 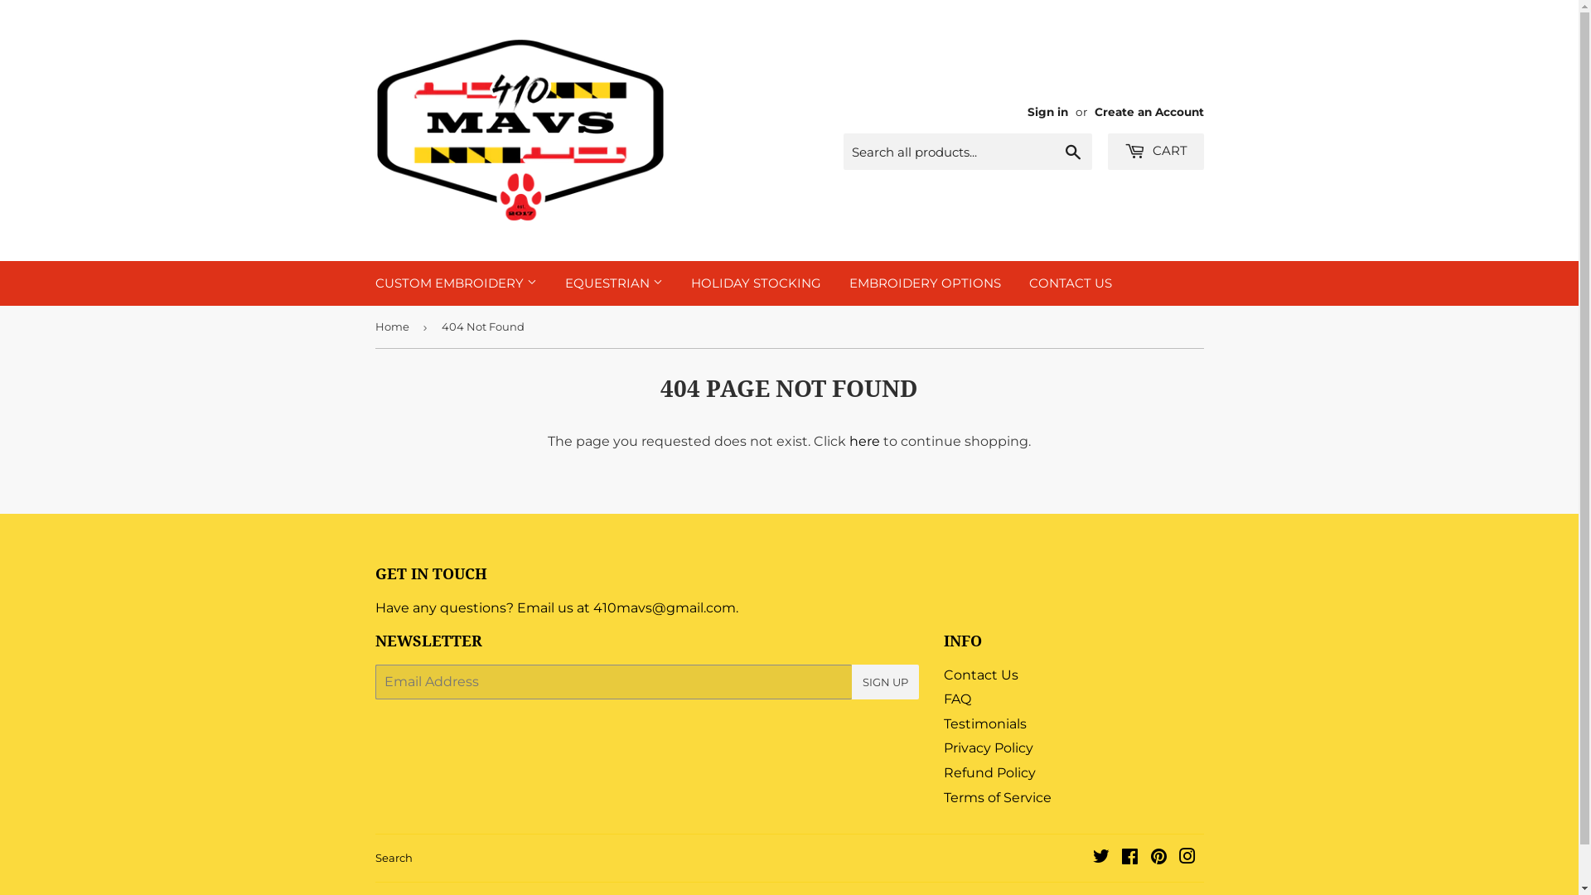 What do you see at coordinates (373, 327) in the screenshot?
I see `'Home'` at bounding box center [373, 327].